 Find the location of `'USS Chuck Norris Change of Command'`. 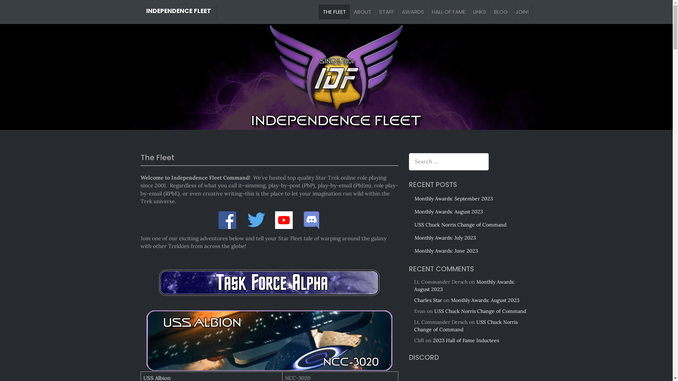

'USS Chuck Norris Change of Command' is located at coordinates (471, 225).